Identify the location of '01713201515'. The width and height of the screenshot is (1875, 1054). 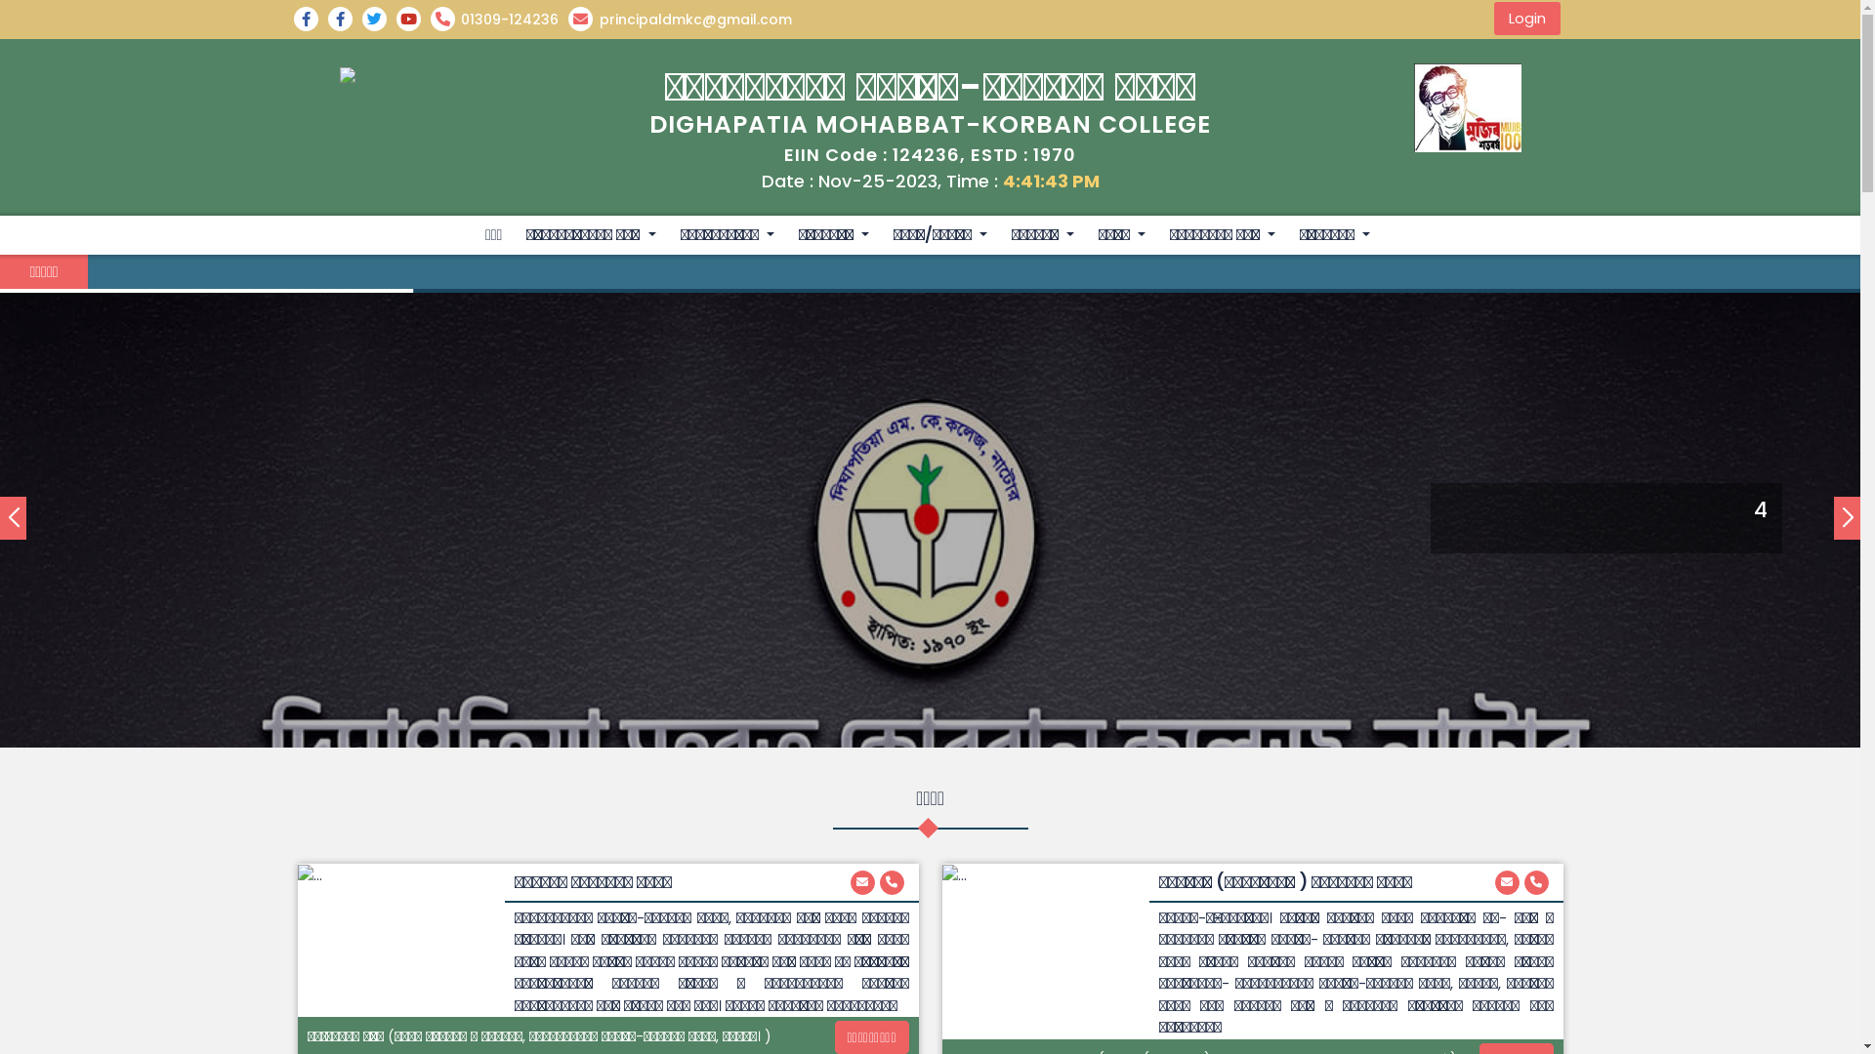
(890, 882).